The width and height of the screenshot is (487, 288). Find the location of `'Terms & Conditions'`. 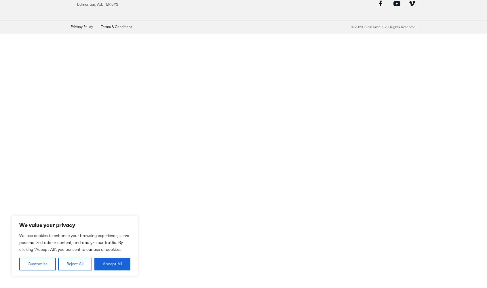

'Terms & Conditions' is located at coordinates (117, 26).